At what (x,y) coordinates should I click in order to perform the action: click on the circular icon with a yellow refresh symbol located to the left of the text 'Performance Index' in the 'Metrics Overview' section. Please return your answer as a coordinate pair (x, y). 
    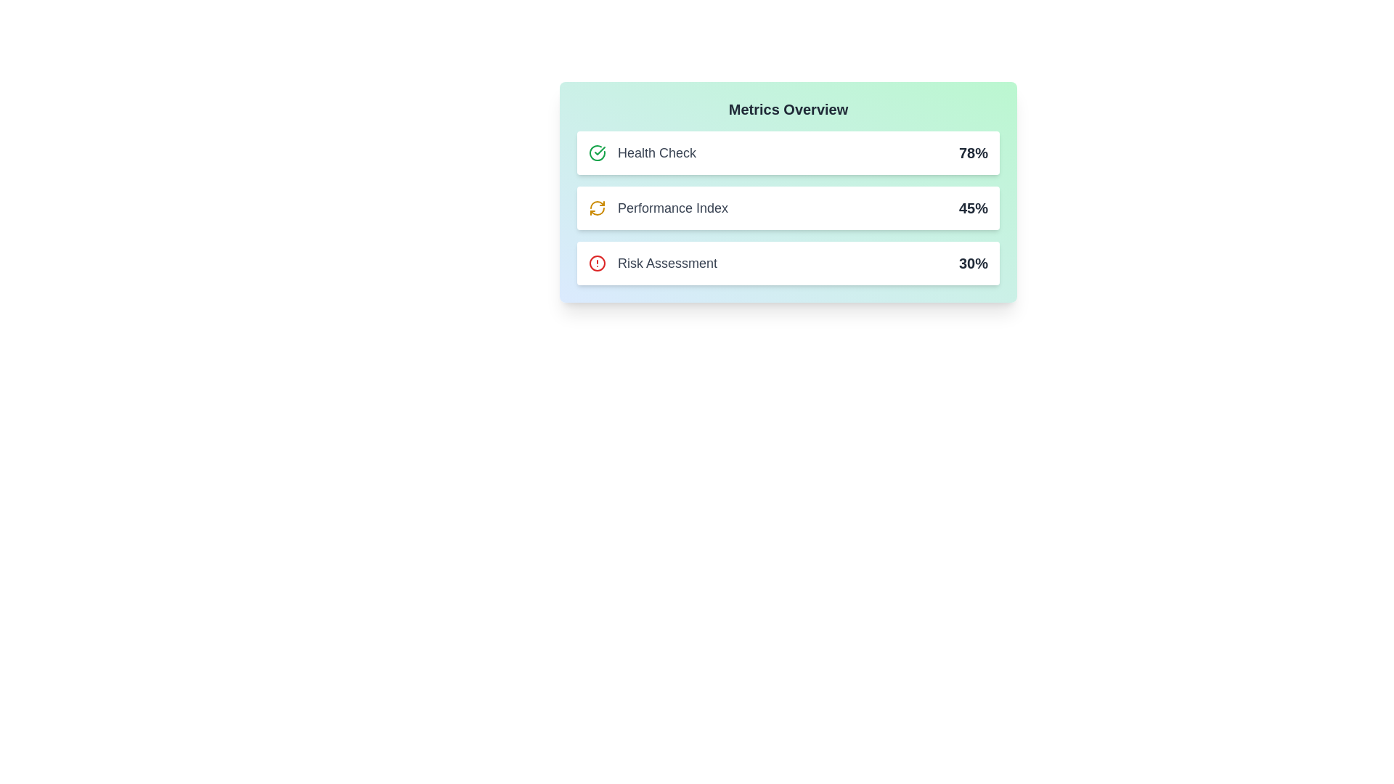
    Looking at the image, I should click on (597, 208).